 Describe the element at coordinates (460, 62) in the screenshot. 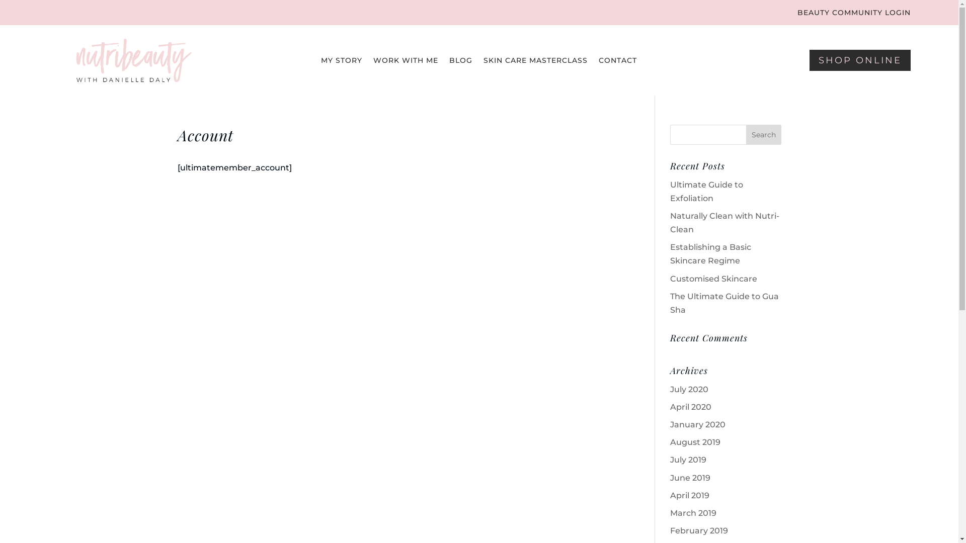

I see `'BLOG'` at that location.